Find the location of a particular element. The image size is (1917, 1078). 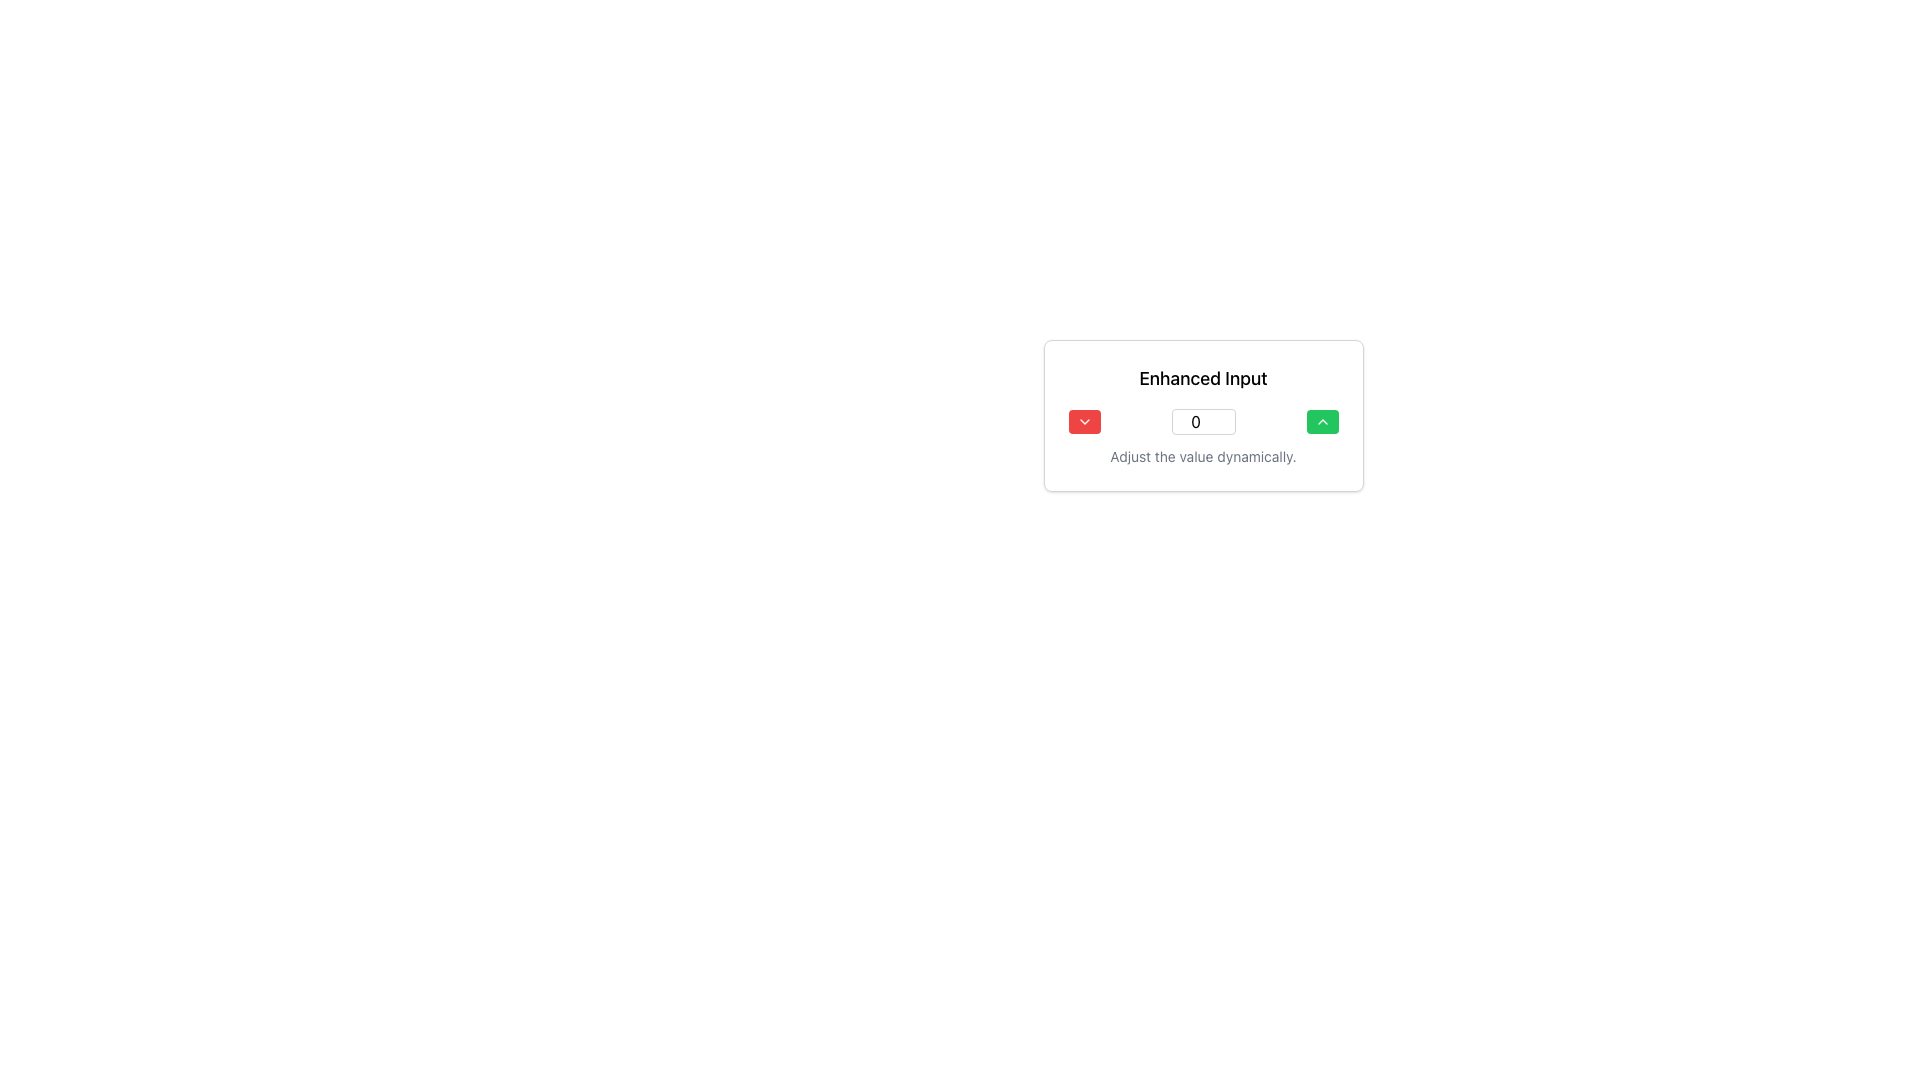

the decrement button located at the far left of the horizontal grouping to observe visual feedback is located at coordinates (1083, 421).